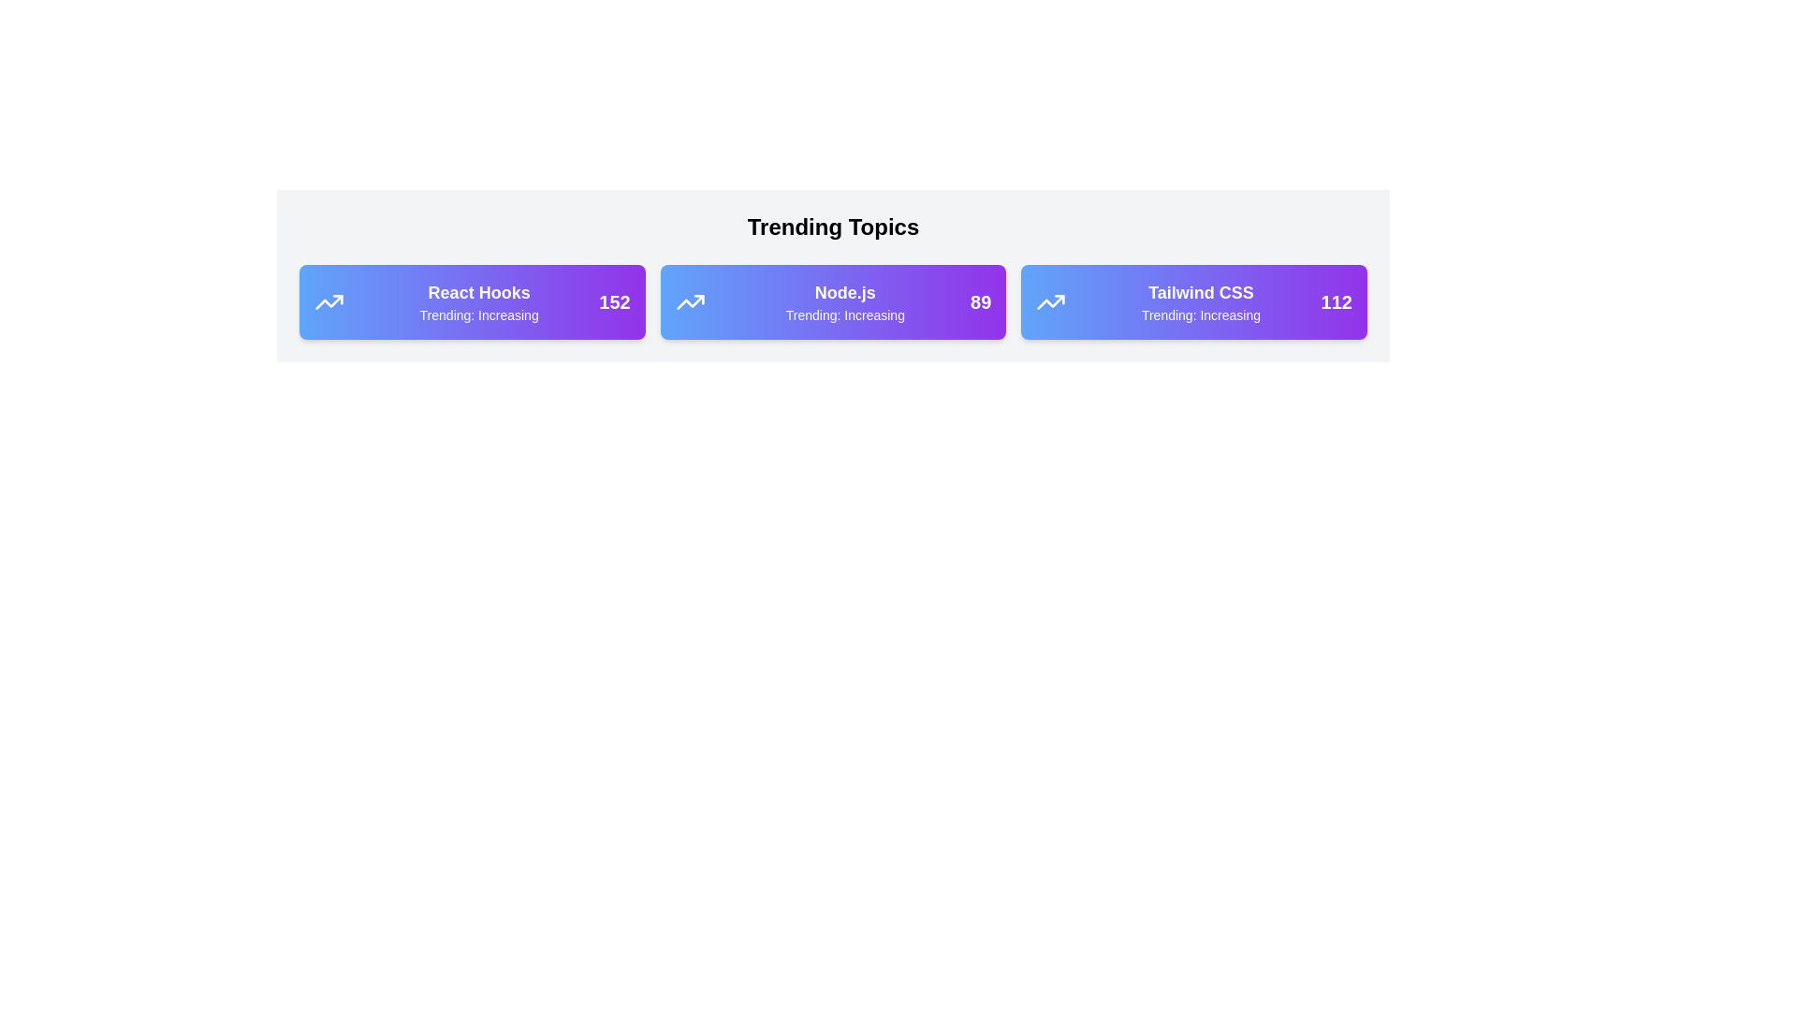 The height and width of the screenshot is (1011, 1797). I want to click on the topic card for React Hooks, so click(472, 301).